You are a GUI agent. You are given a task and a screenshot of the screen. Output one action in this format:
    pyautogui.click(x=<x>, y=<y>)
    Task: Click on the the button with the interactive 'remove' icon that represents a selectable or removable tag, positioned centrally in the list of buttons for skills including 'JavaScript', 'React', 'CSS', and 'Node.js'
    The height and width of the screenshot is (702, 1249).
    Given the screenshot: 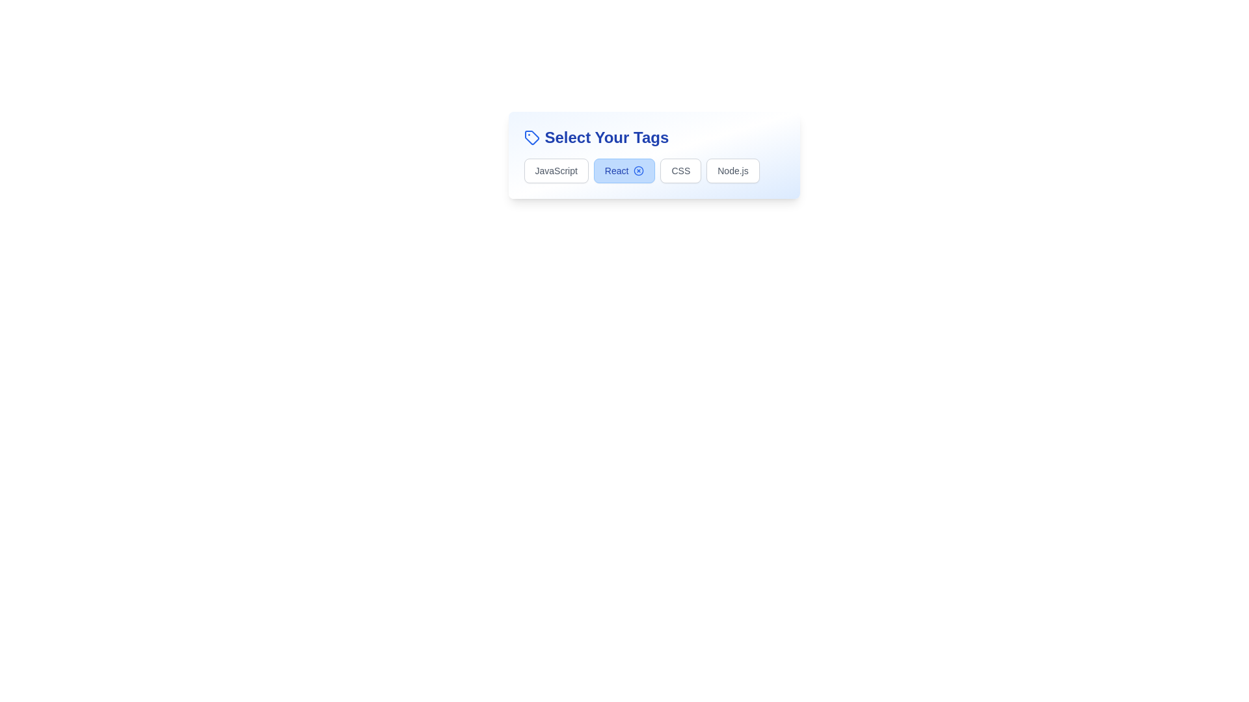 What is the action you would take?
    pyautogui.click(x=624, y=170)
    